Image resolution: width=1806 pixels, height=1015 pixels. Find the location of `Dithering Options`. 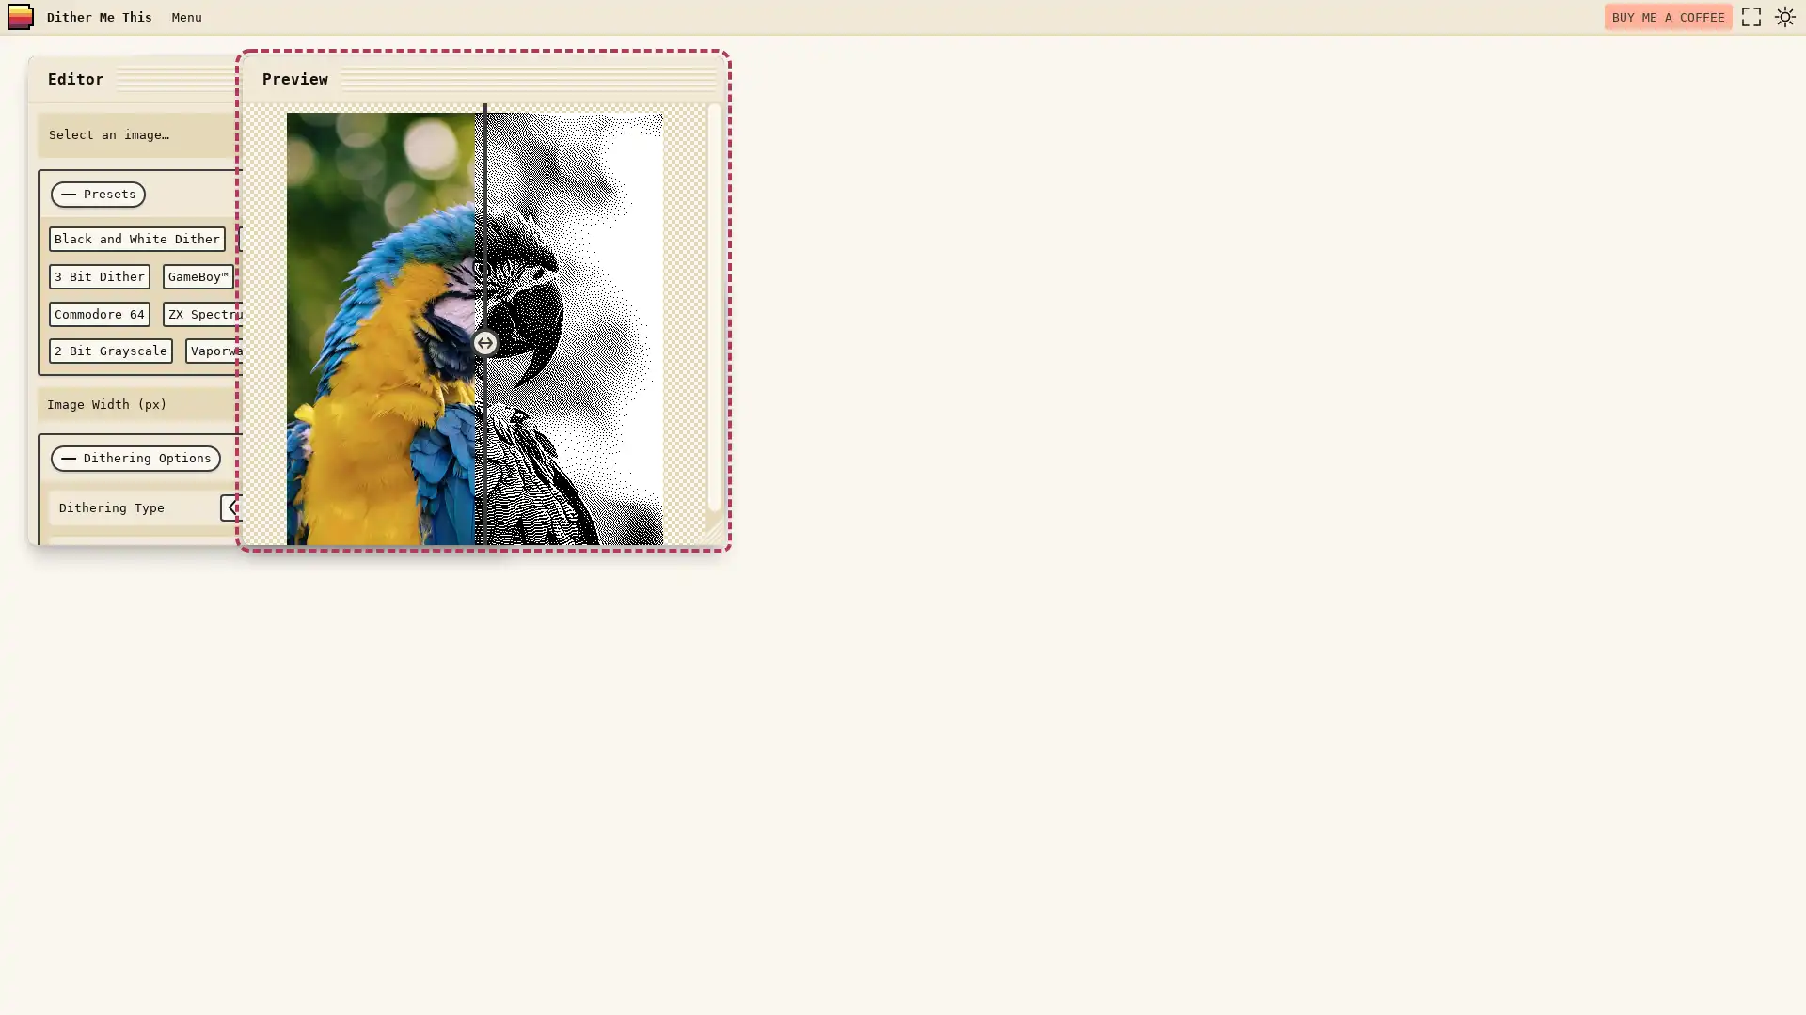

Dithering Options is located at coordinates (135, 457).